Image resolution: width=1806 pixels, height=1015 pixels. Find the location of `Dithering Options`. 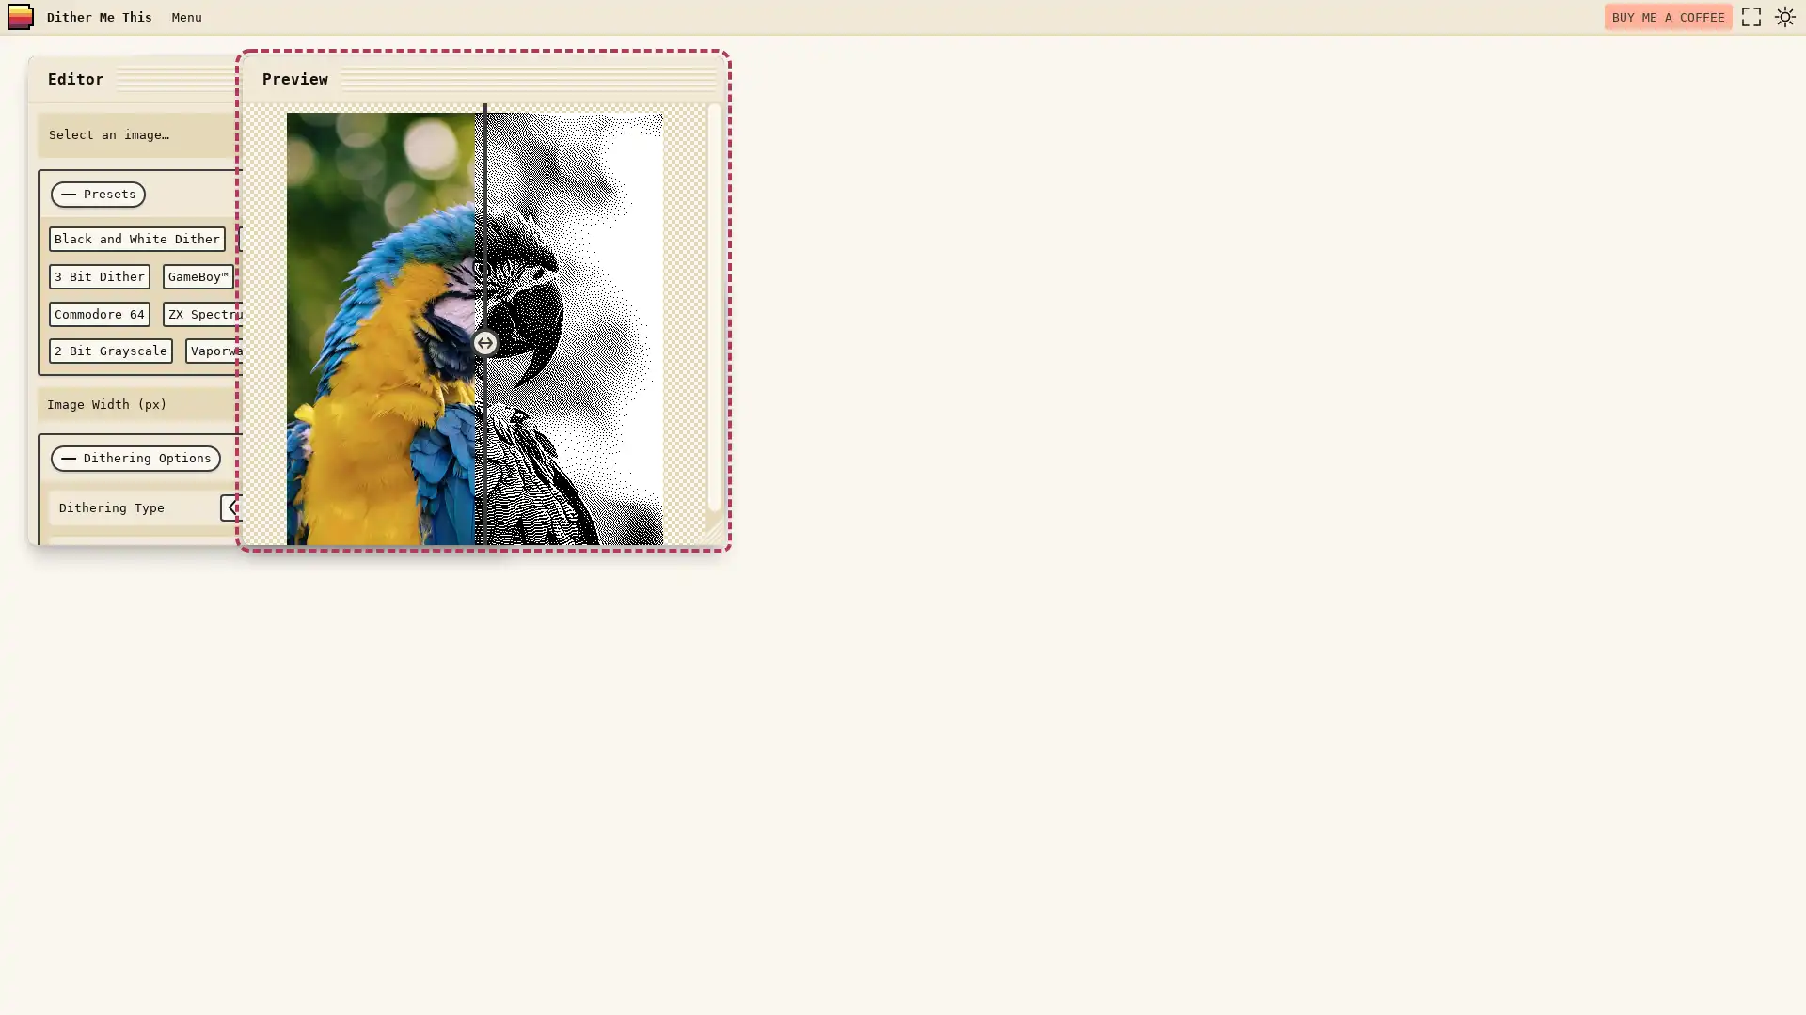

Dithering Options is located at coordinates (135, 457).